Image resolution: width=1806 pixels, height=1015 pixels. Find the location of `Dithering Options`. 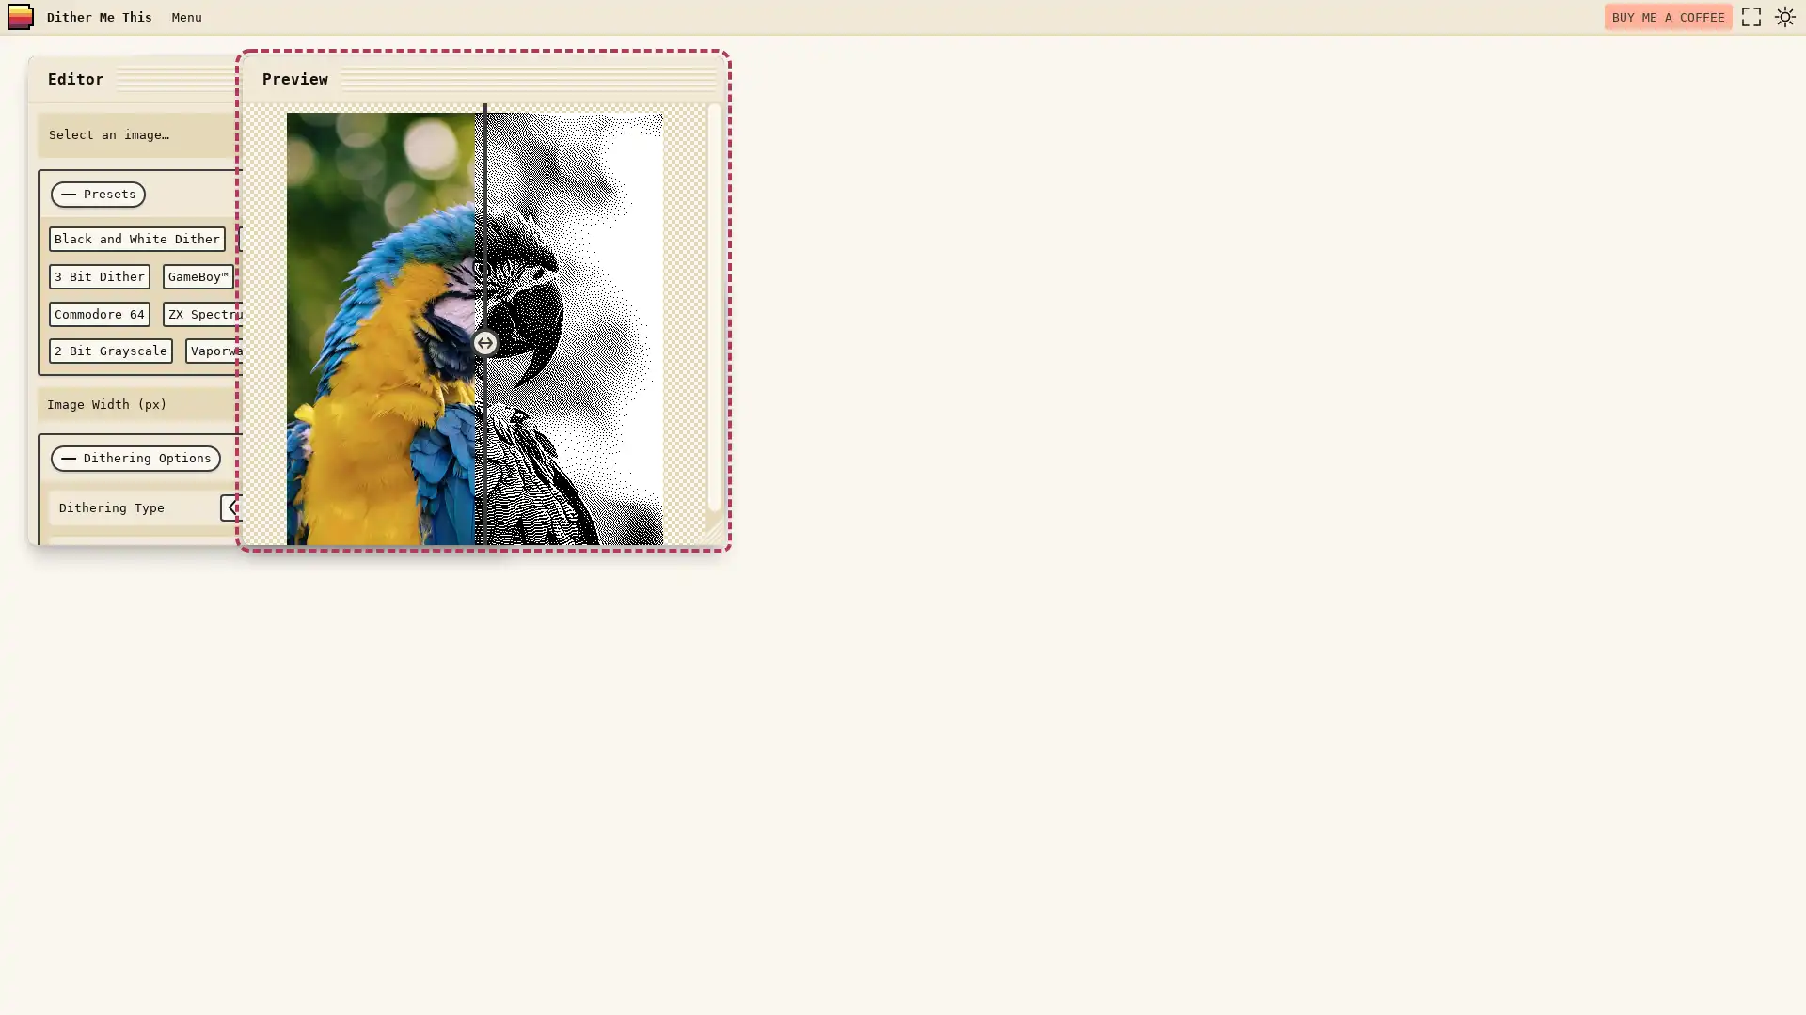

Dithering Options is located at coordinates (135, 457).